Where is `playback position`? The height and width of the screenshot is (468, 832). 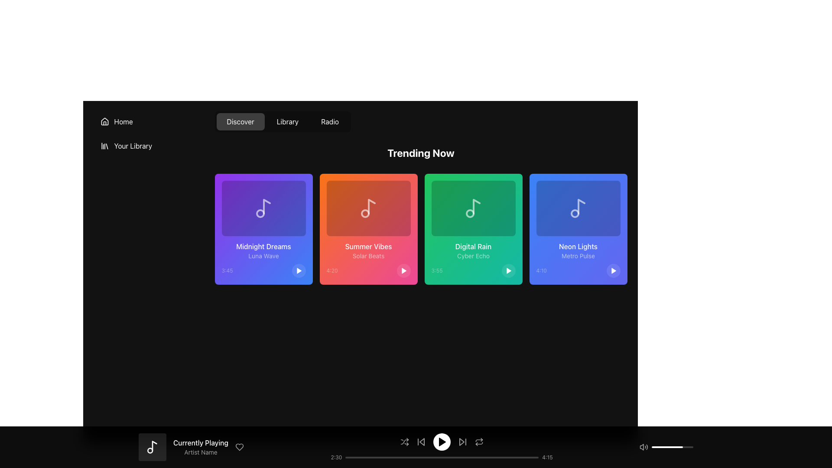 playback position is located at coordinates (523, 457).